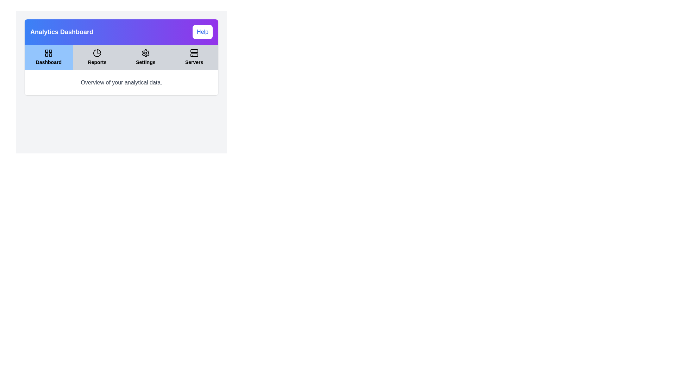 The image size is (676, 380). I want to click on the navigation button for Reports, the second button from the left in the horizontal menu bar below the header, so click(97, 57).